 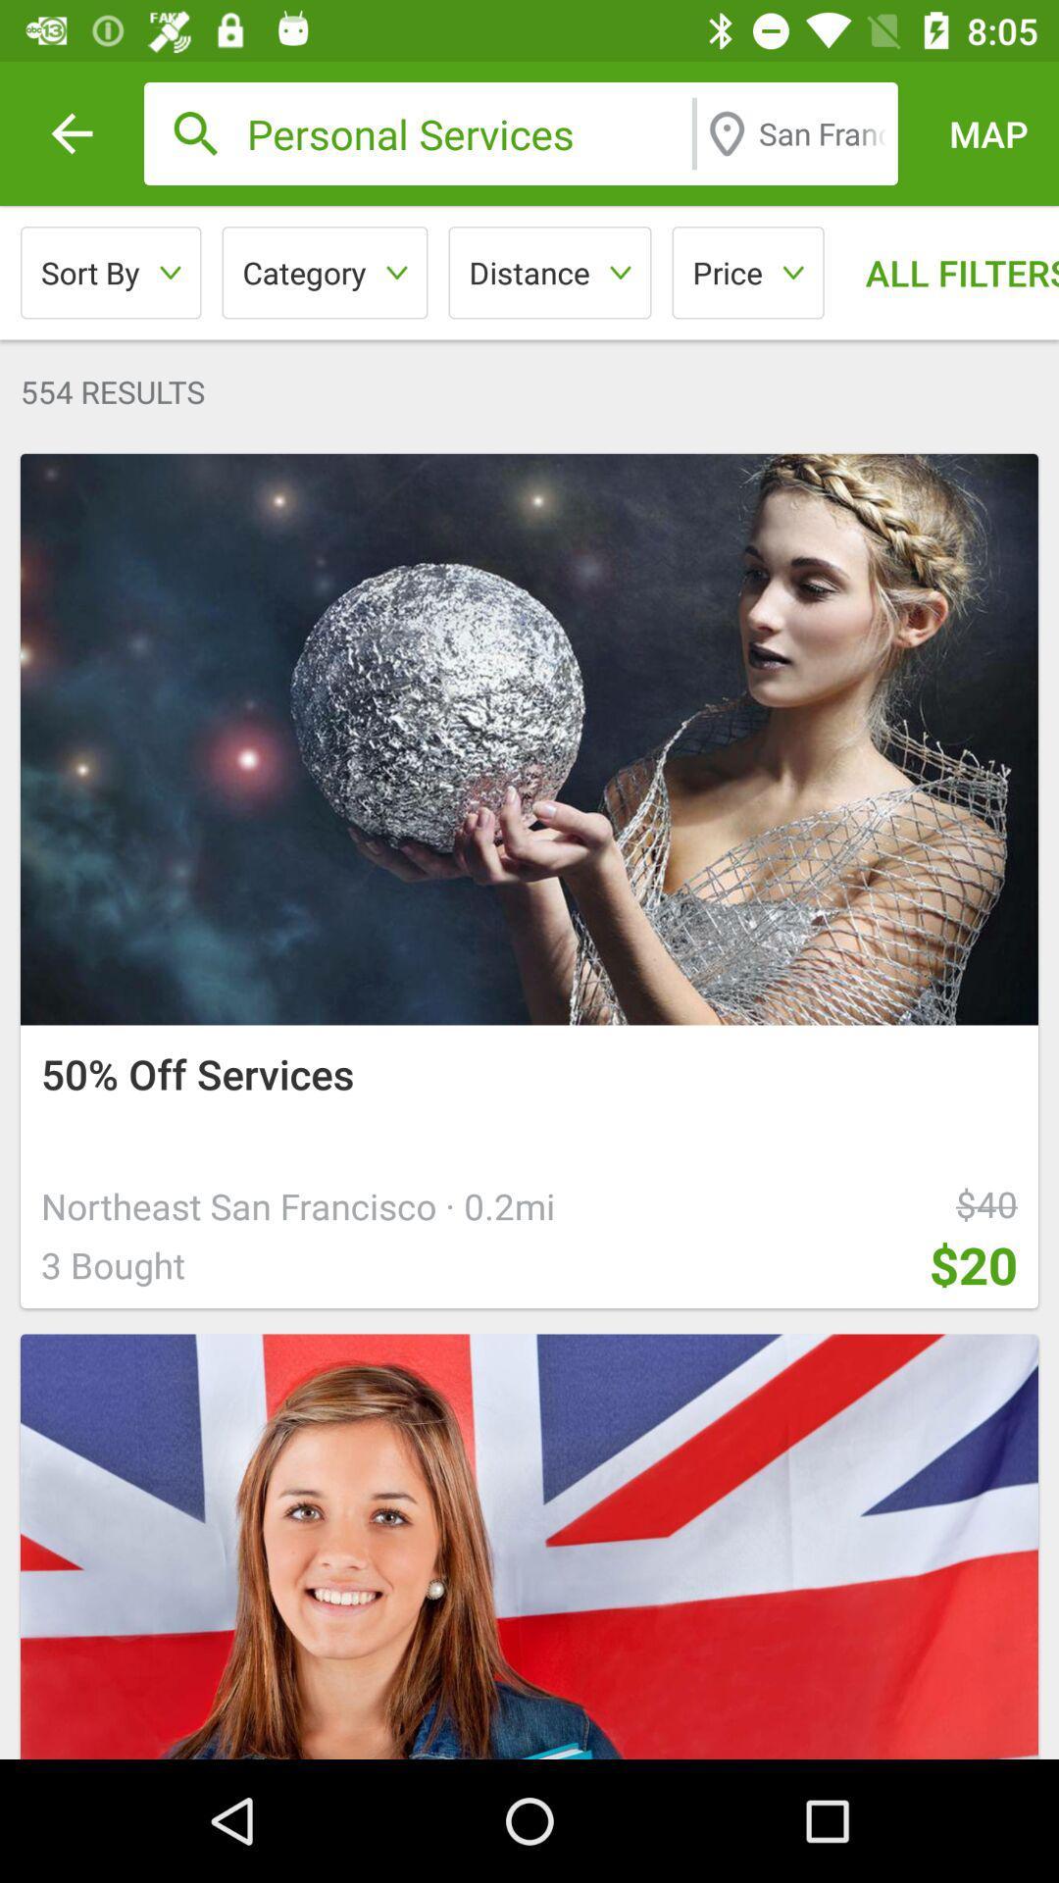 I want to click on the item next to distance icon, so click(x=324, y=272).